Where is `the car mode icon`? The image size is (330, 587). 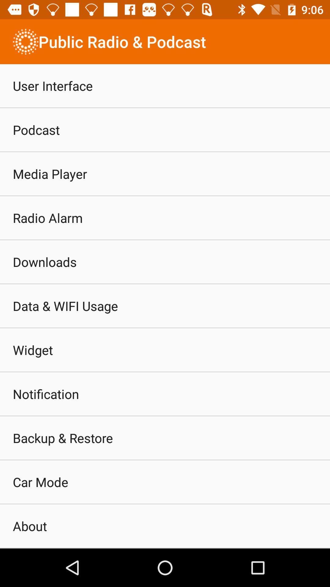 the car mode icon is located at coordinates (40, 482).